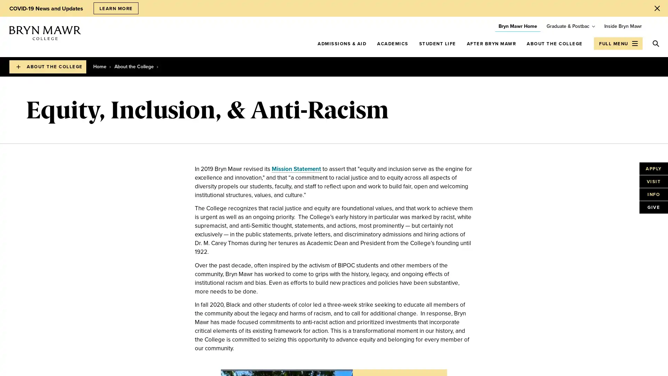 Image resolution: width=668 pixels, height=376 pixels. Describe the element at coordinates (618, 43) in the screenshot. I see `FULL MENU` at that location.